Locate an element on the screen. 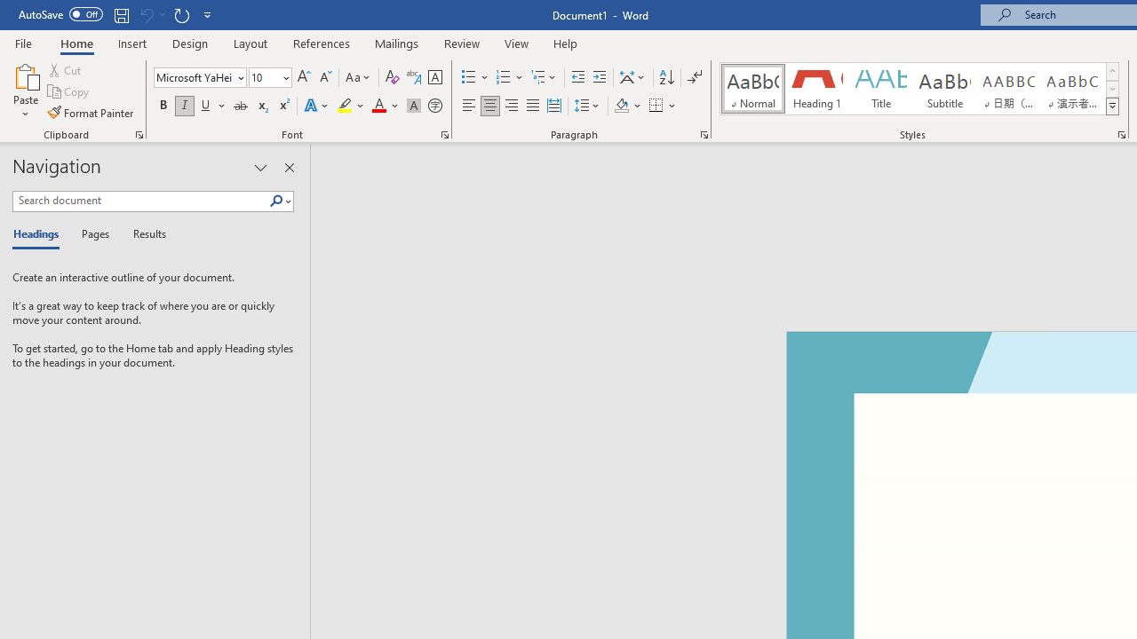  'Can' is located at coordinates (146, 14).